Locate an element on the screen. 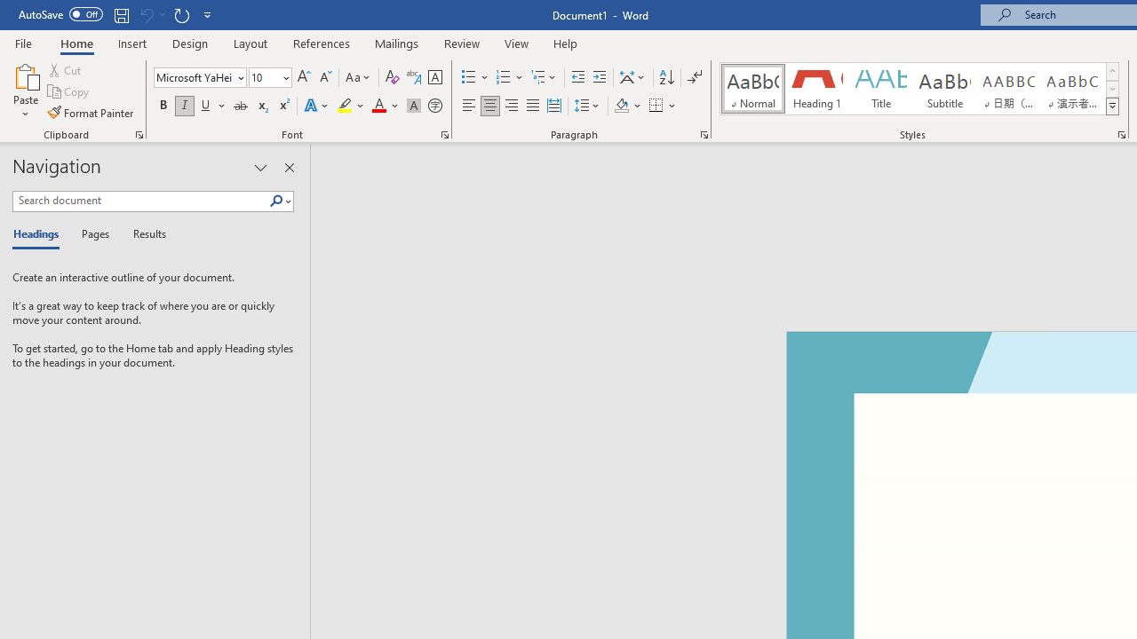  'Can' is located at coordinates (146, 14).